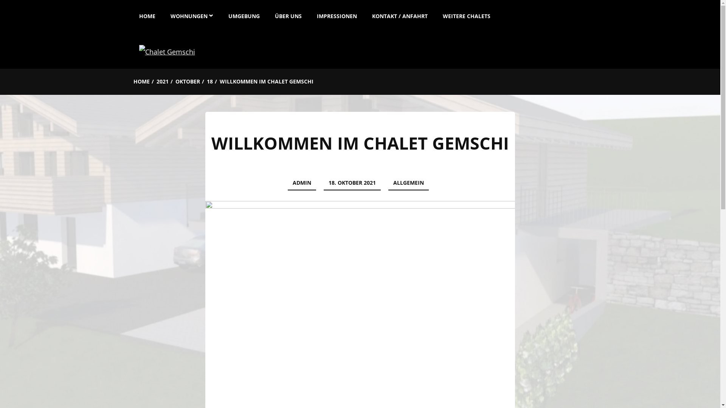 This screenshot has width=726, height=408. What do you see at coordinates (323, 183) in the screenshot?
I see `'18. OKTOBER 2021'` at bounding box center [323, 183].